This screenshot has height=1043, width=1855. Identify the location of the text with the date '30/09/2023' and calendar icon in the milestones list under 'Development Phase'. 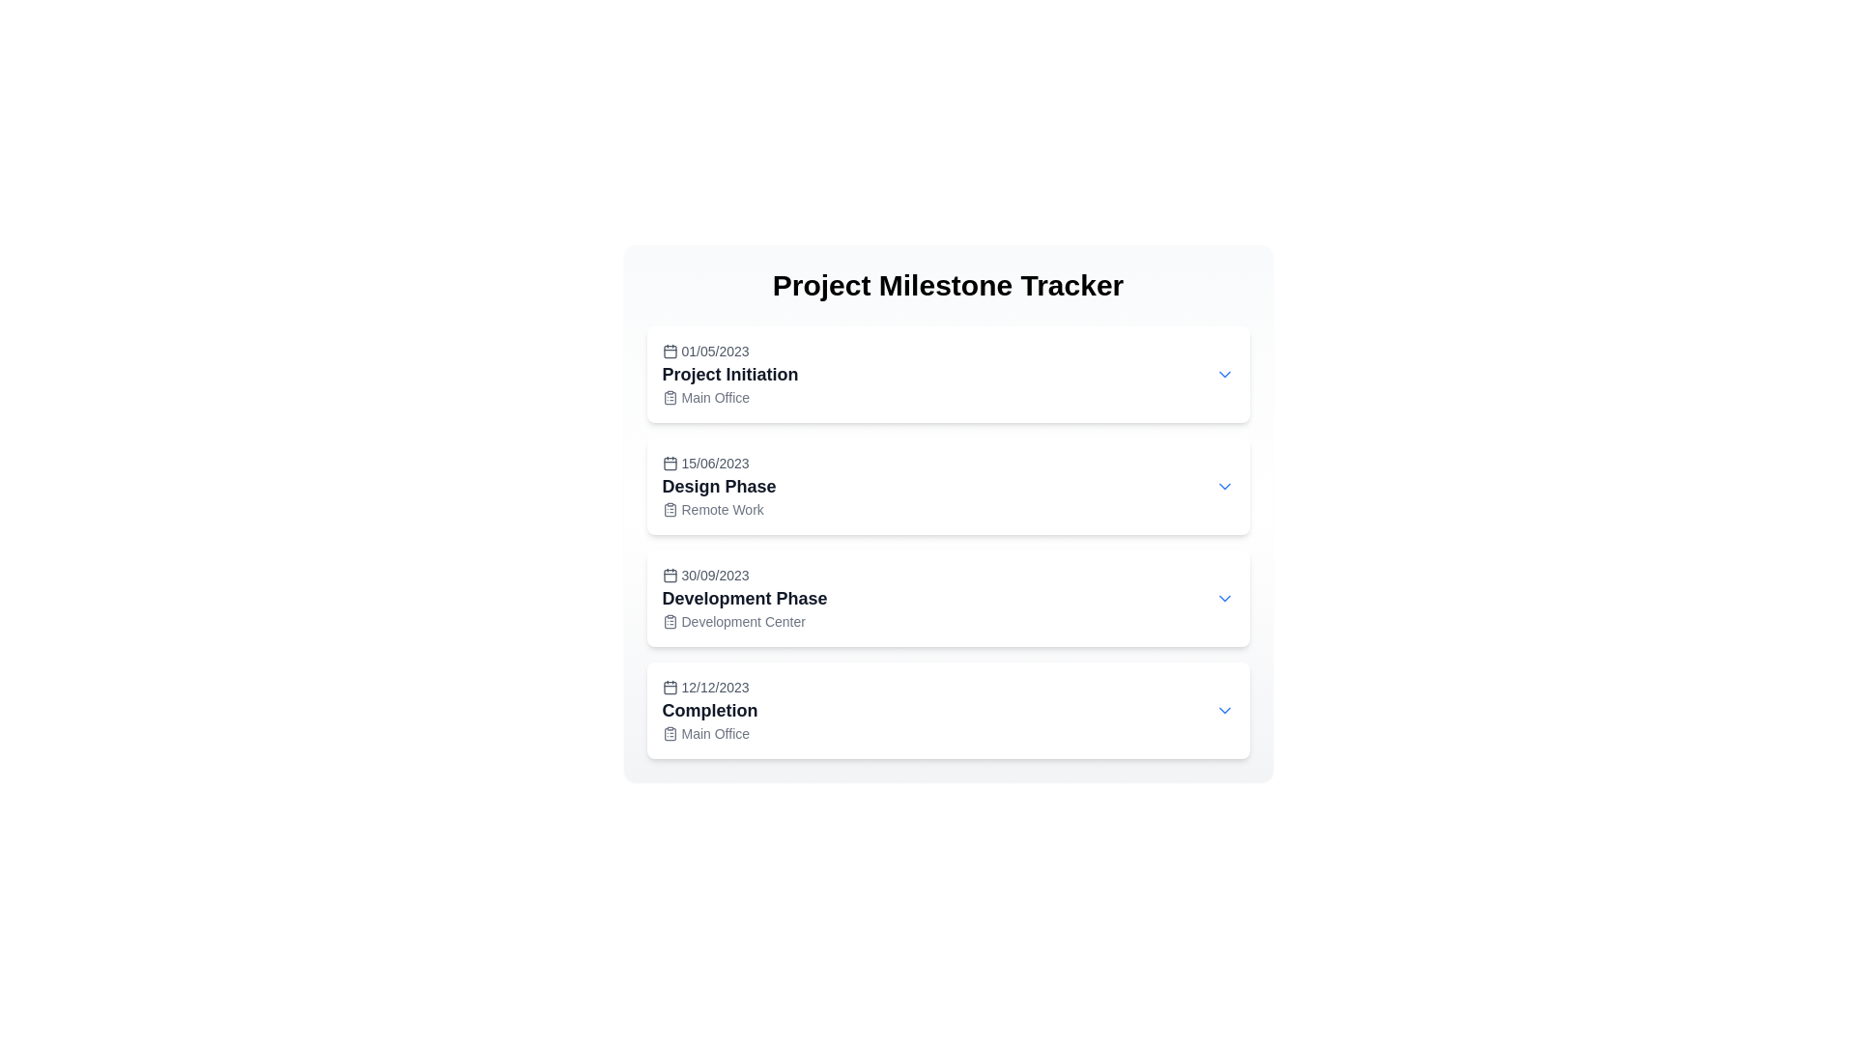
(744, 575).